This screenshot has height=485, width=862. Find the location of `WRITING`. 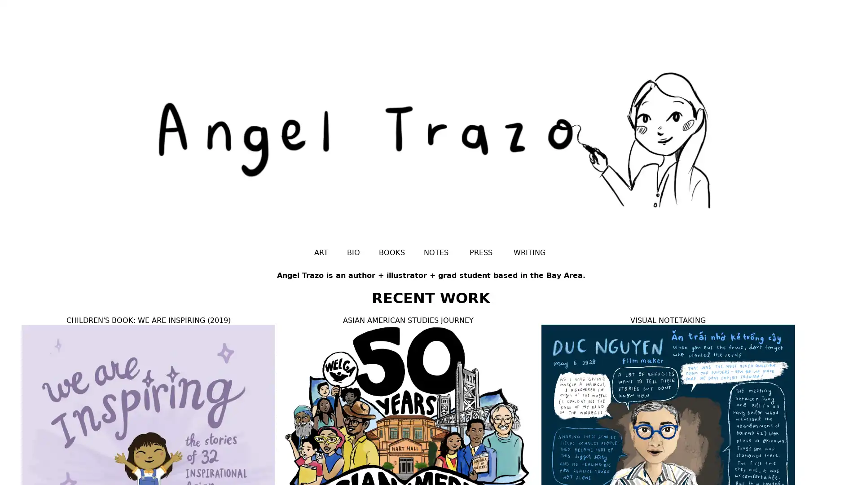

WRITING is located at coordinates (529, 252).